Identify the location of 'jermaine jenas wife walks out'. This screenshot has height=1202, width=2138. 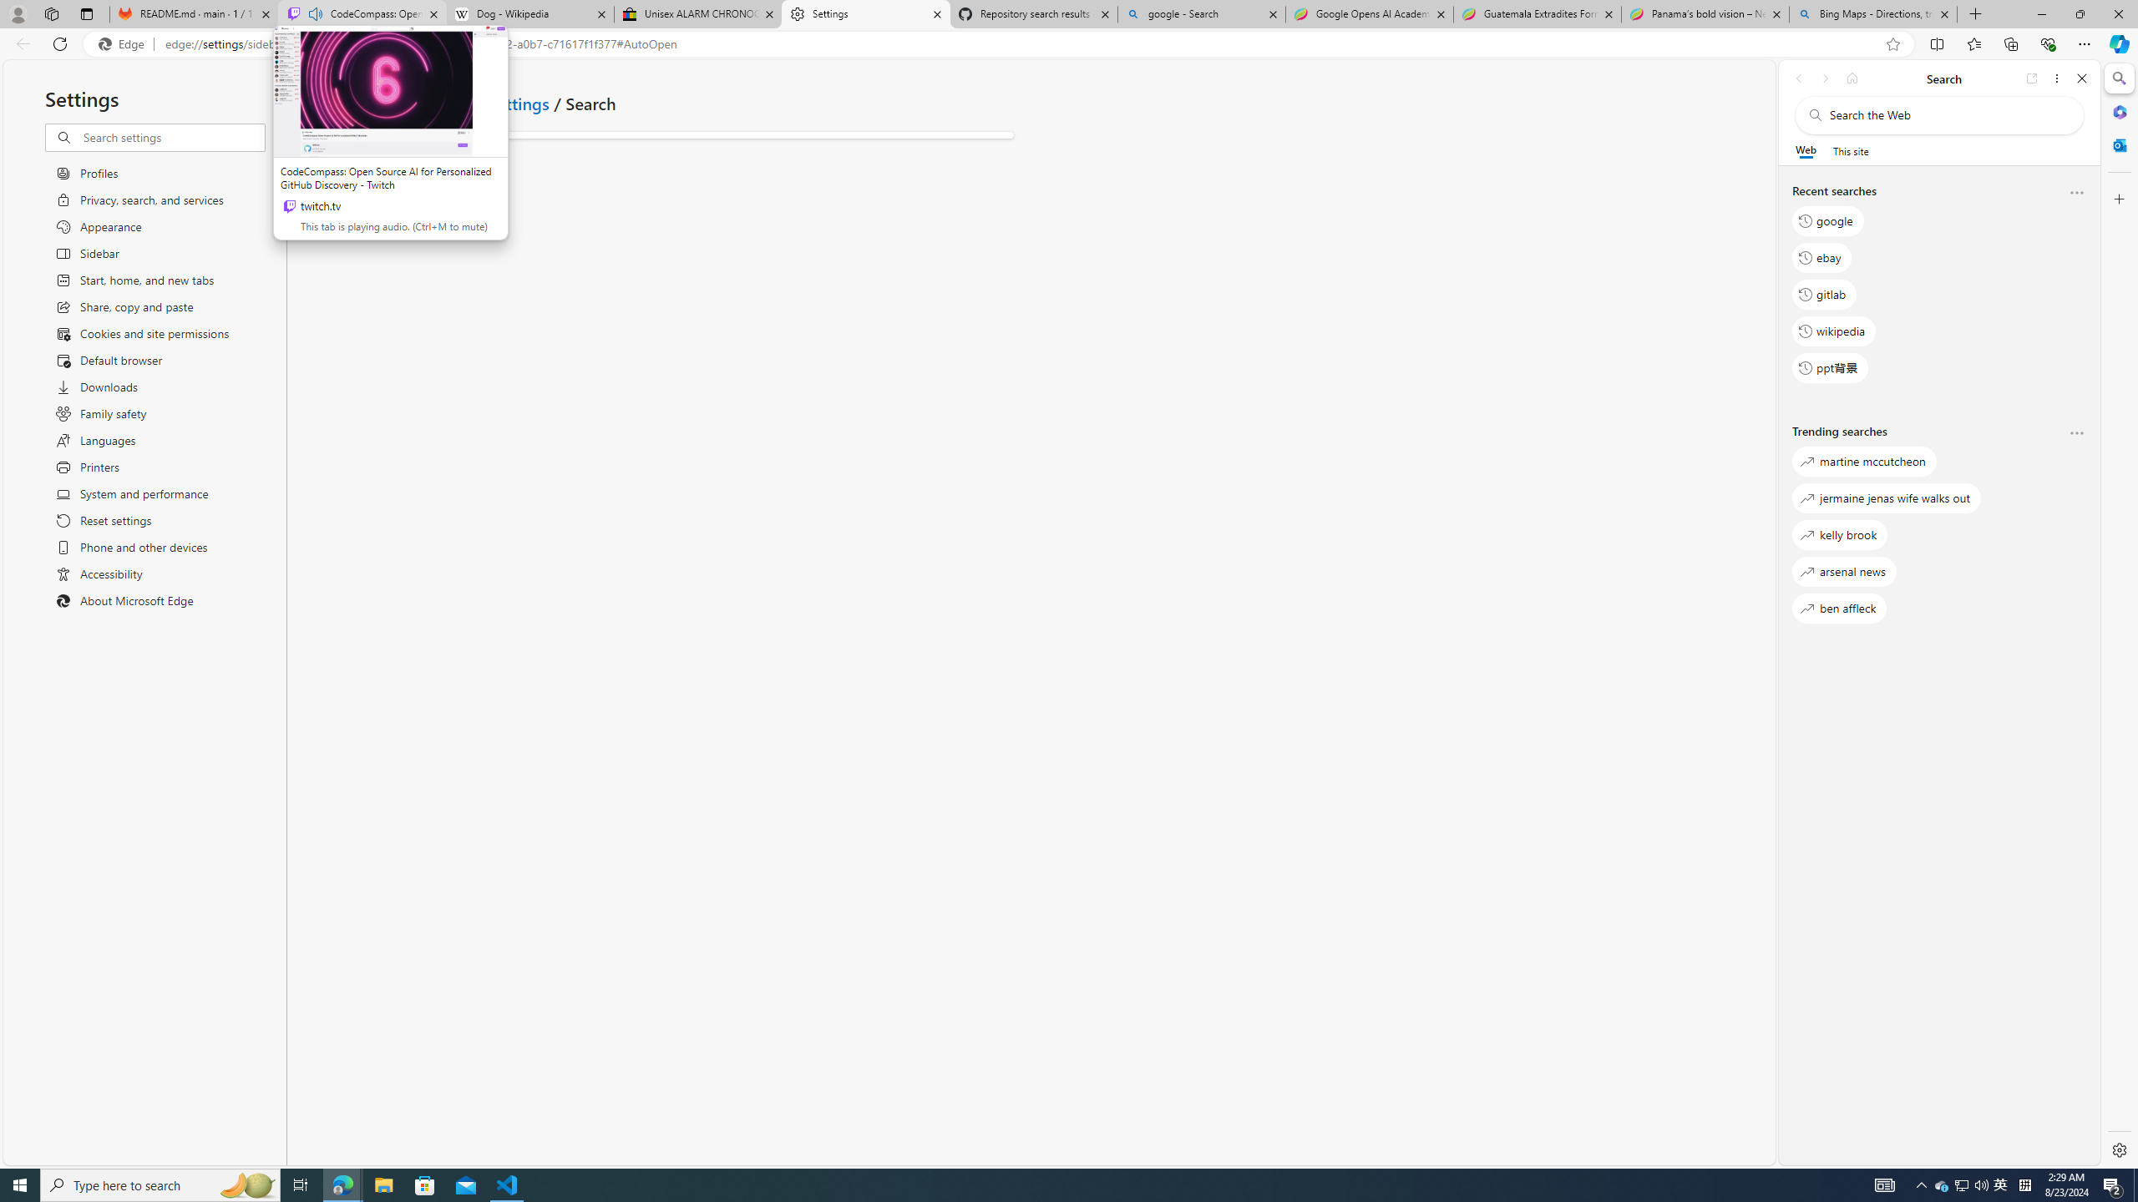
(1886, 497).